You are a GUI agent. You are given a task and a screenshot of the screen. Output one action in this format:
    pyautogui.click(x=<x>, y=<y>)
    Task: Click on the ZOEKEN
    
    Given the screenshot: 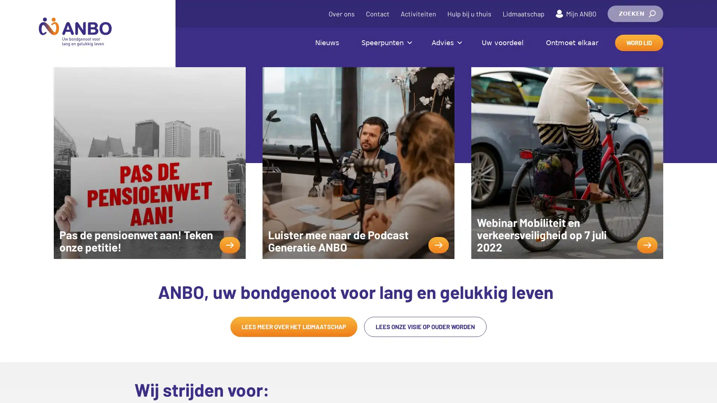 What is the action you would take?
    pyautogui.click(x=635, y=14)
    